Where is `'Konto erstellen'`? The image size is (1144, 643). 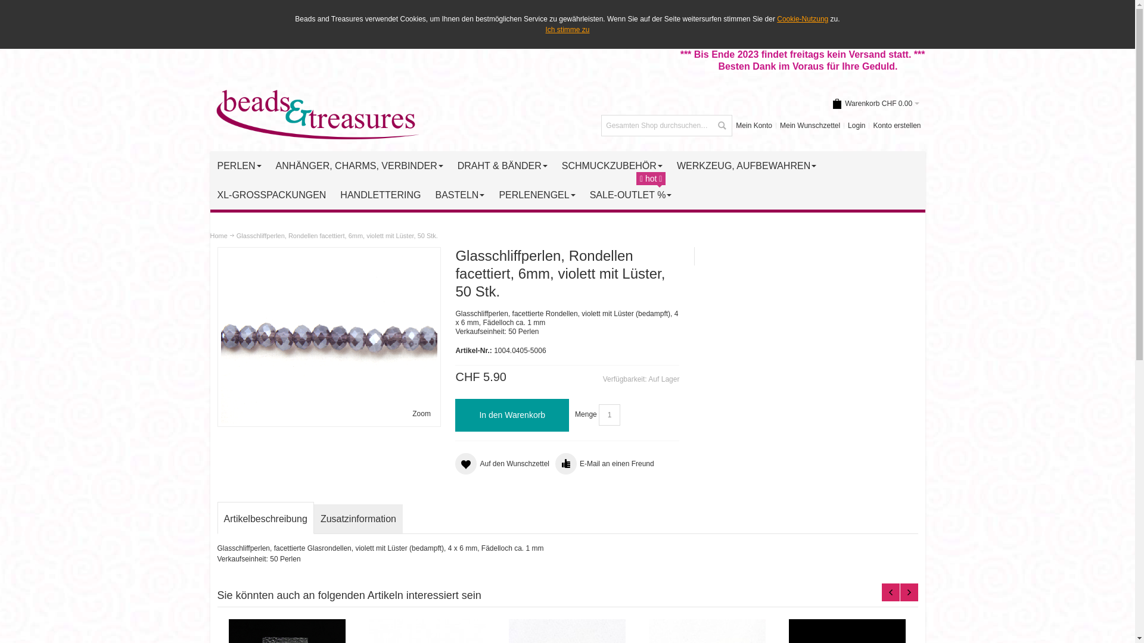
'Konto erstellen' is located at coordinates (869, 126).